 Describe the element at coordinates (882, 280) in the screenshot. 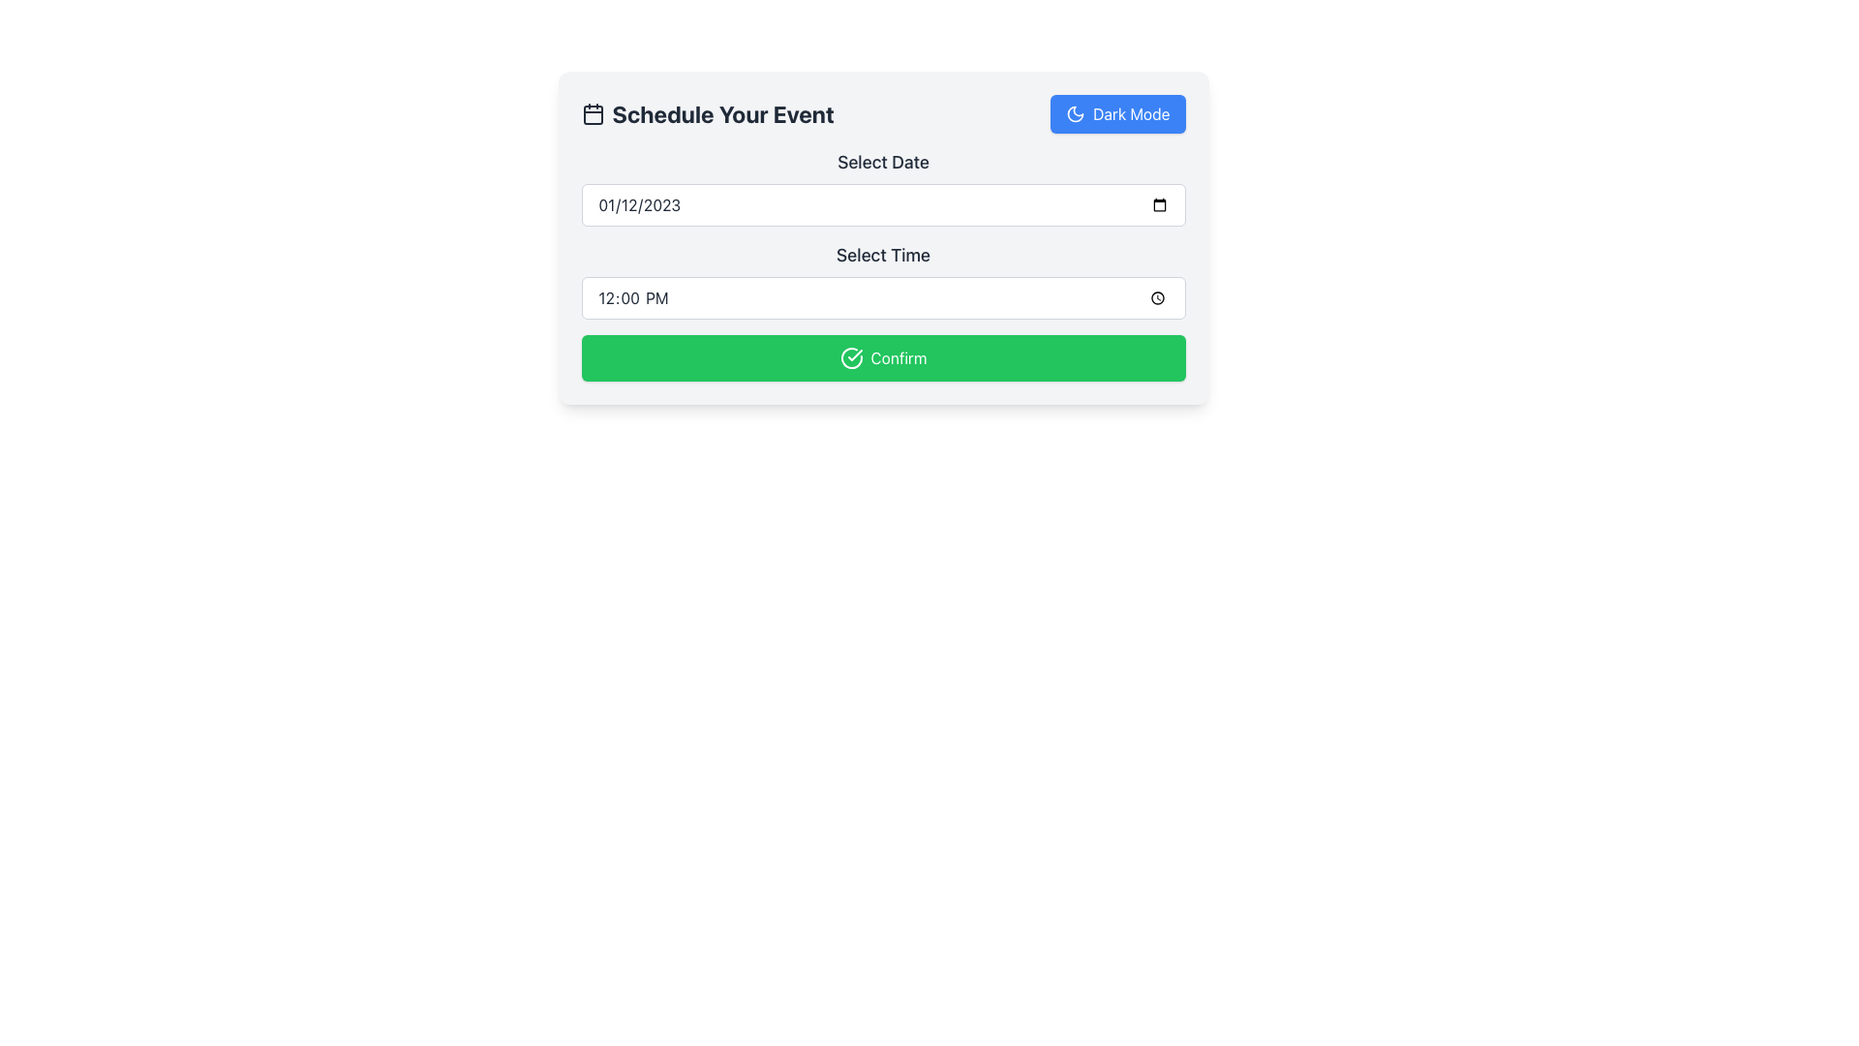

I see `the 'Select Time' Time Picker element` at that location.